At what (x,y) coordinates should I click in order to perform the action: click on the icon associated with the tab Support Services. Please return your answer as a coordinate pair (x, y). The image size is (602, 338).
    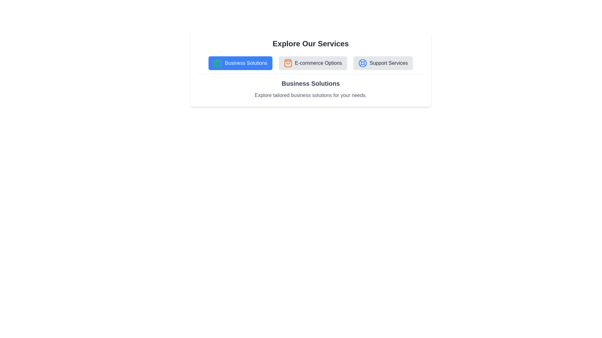
    Looking at the image, I should click on (362, 63).